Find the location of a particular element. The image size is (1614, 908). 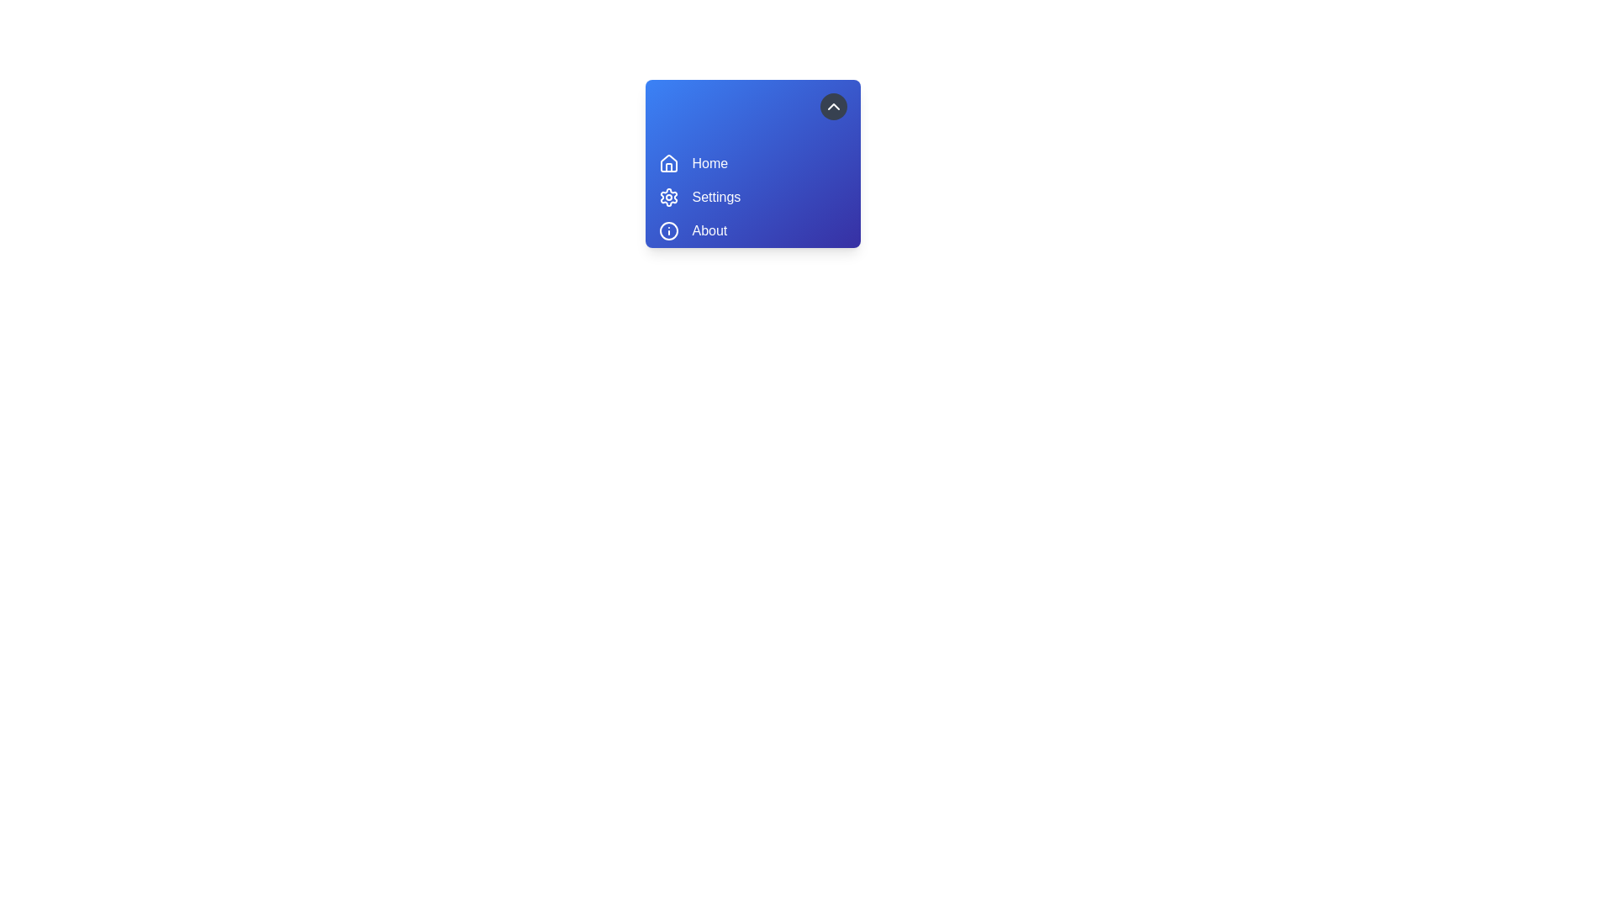

the 'Home' menu item within the vertical blue gradient panel containing navigation items 'Home', 'Settings', and 'About' is located at coordinates (752, 164).